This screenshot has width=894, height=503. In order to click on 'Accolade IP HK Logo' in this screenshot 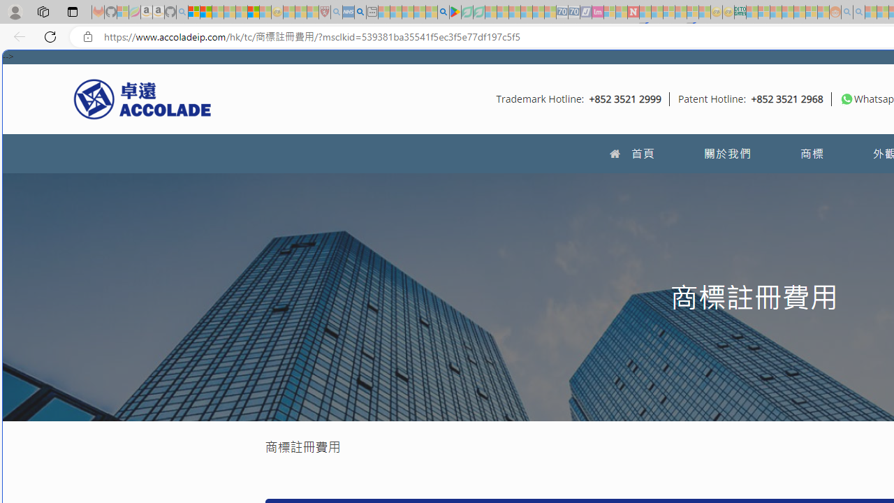, I will do `click(142, 98)`.